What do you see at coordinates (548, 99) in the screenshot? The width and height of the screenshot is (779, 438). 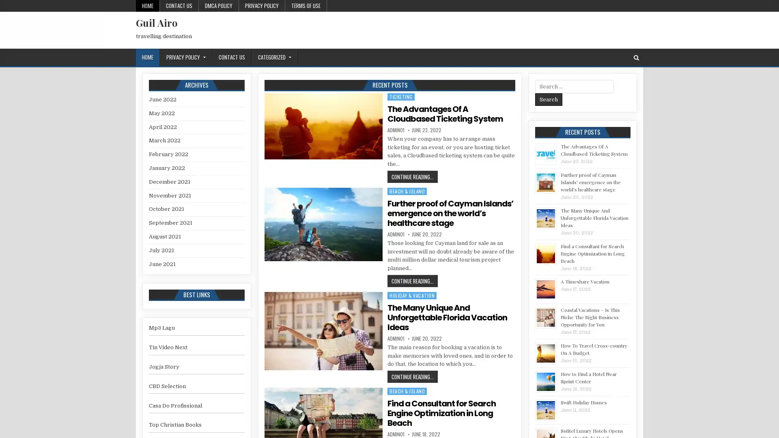 I see `Search` at bounding box center [548, 99].